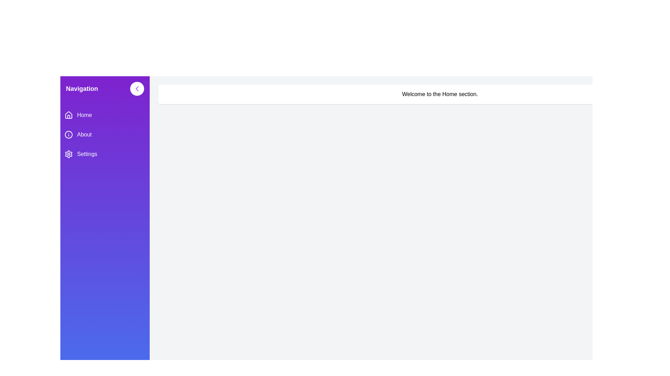  Describe the element at coordinates (137, 88) in the screenshot. I see `the circular button with a white background and purple chevron icon on the right side of the header section` at that location.